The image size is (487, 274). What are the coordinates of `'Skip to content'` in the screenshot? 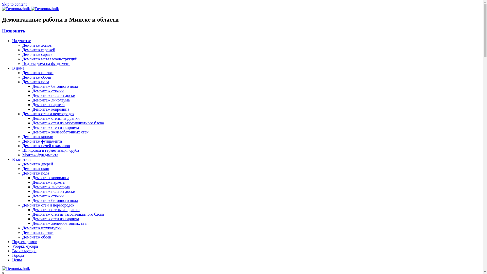 It's located at (14, 4).